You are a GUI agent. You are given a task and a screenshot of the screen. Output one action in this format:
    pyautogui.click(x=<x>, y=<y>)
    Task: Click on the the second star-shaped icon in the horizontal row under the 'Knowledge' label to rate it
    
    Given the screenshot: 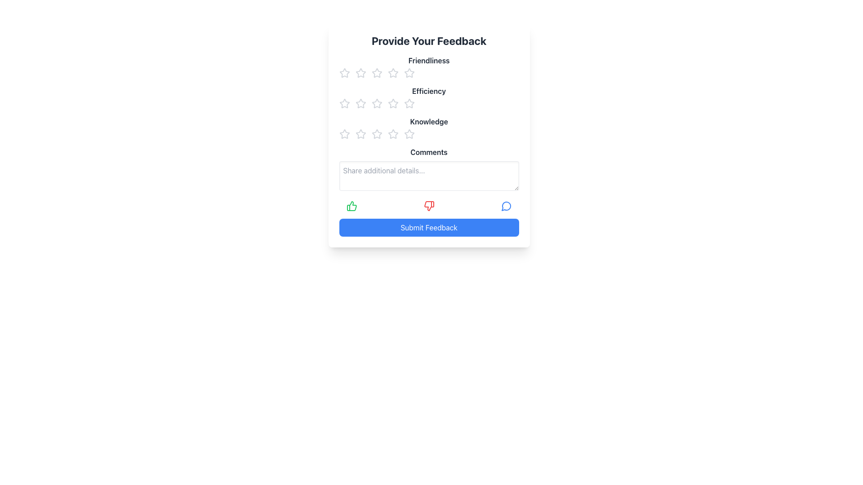 What is the action you would take?
    pyautogui.click(x=344, y=134)
    